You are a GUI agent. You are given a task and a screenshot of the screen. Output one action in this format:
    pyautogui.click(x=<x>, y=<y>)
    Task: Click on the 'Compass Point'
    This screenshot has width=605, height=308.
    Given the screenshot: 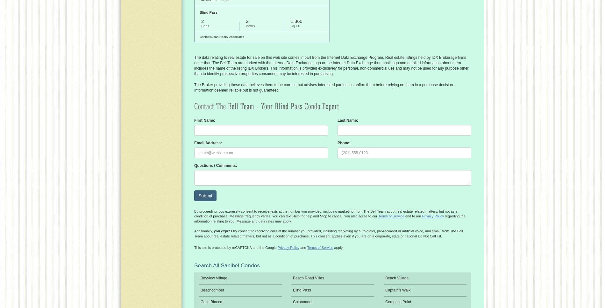 What is the action you would take?
    pyautogui.click(x=398, y=301)
    